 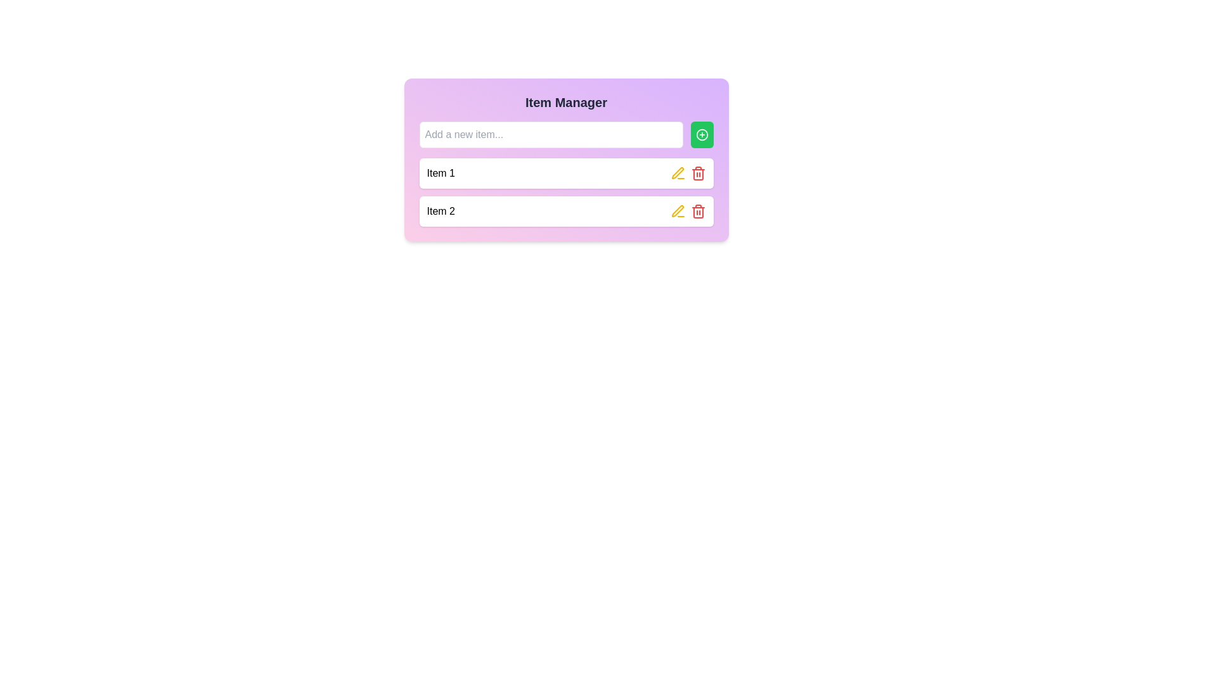 I want to click on the Vector Icon Segment of the trash icon, which visually represents a delete action, located near the bottom middle of the icon, so click(x=697, y=212).